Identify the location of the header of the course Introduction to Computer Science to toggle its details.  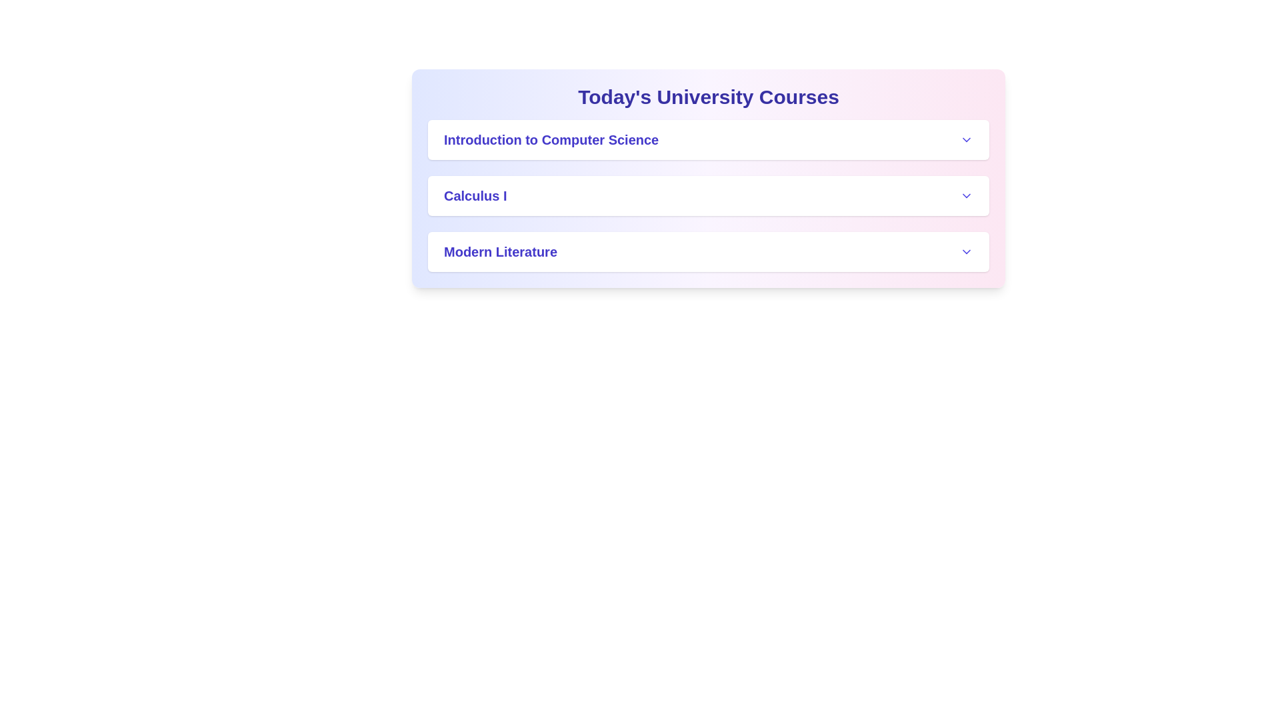
(707, 139).